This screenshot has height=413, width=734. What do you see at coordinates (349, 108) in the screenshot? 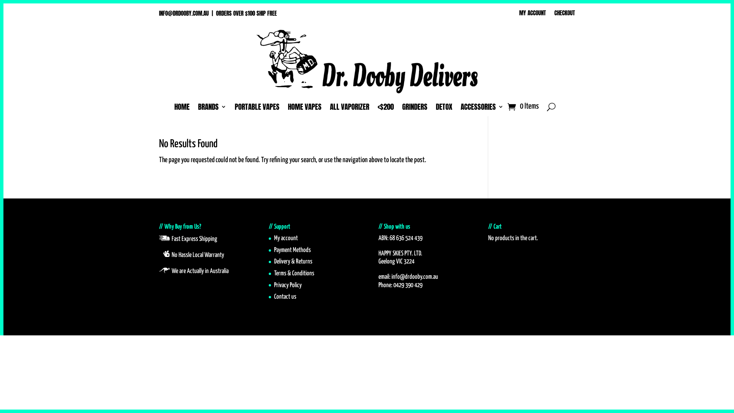
I see `'ALL VAPORIZER'` at bounding box center [349, 108].